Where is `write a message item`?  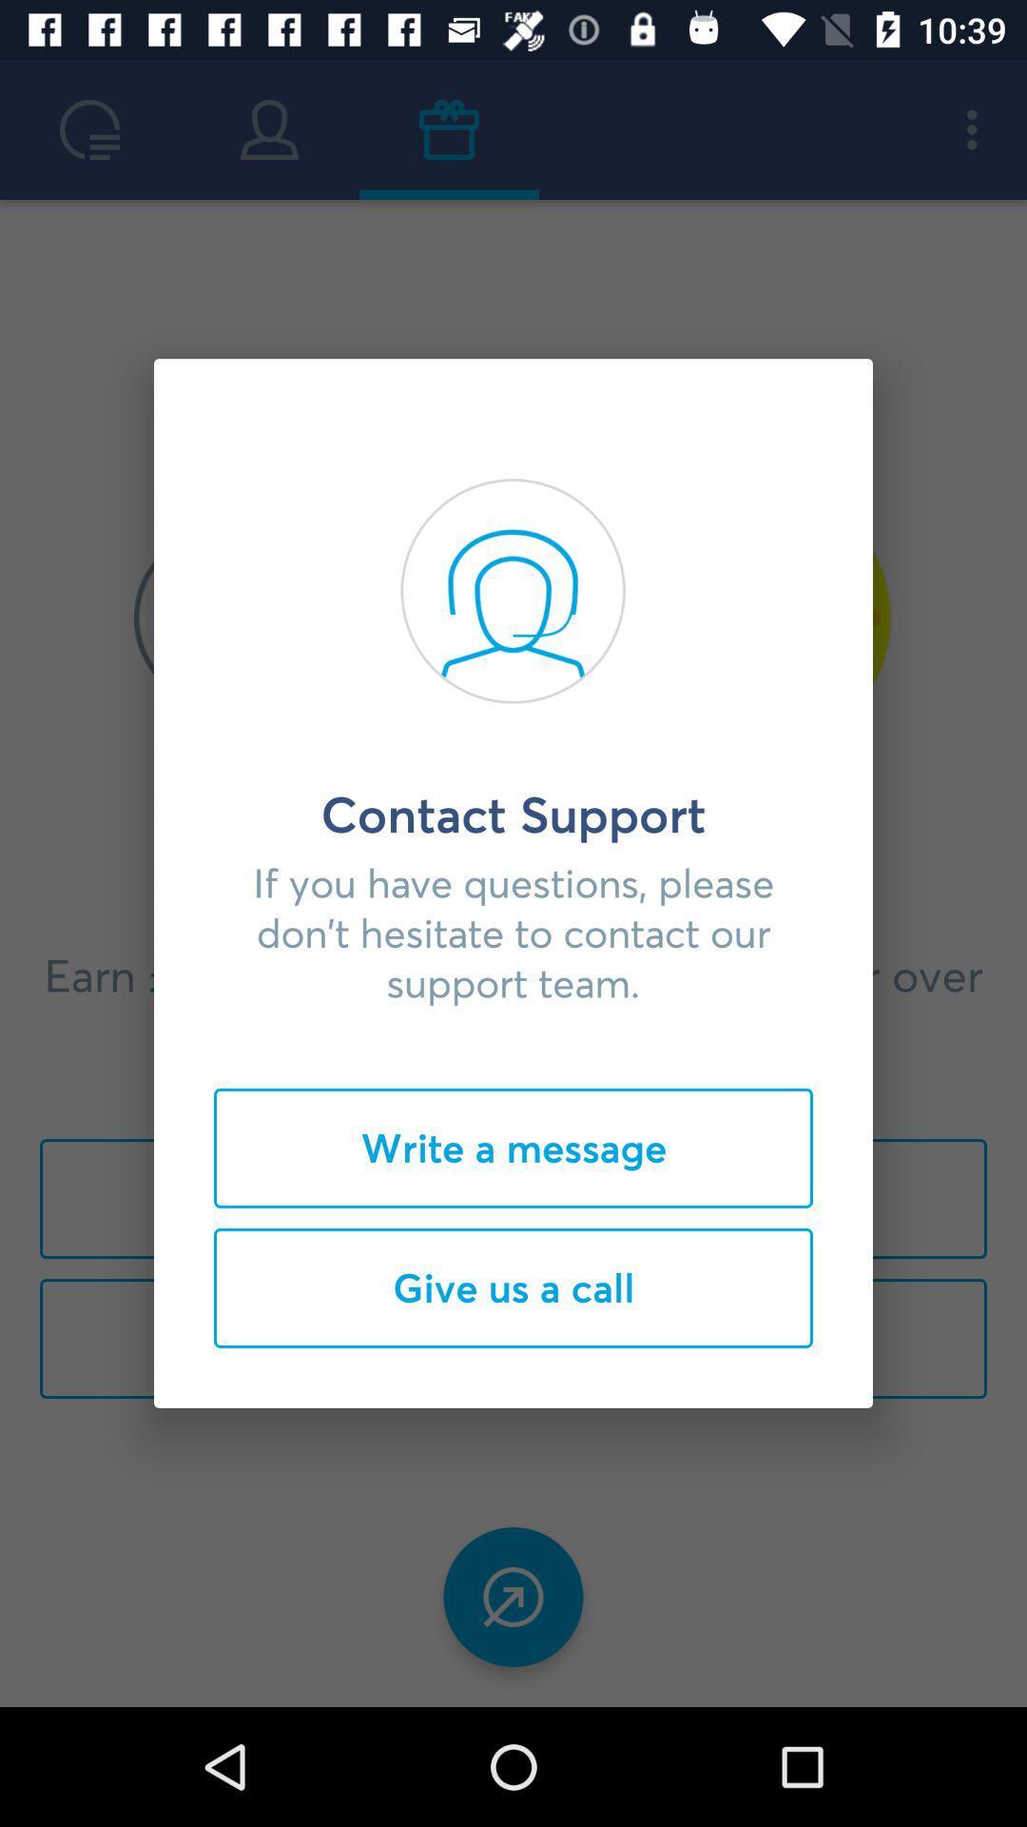
write a message item is located at coordinates (513, 1147).